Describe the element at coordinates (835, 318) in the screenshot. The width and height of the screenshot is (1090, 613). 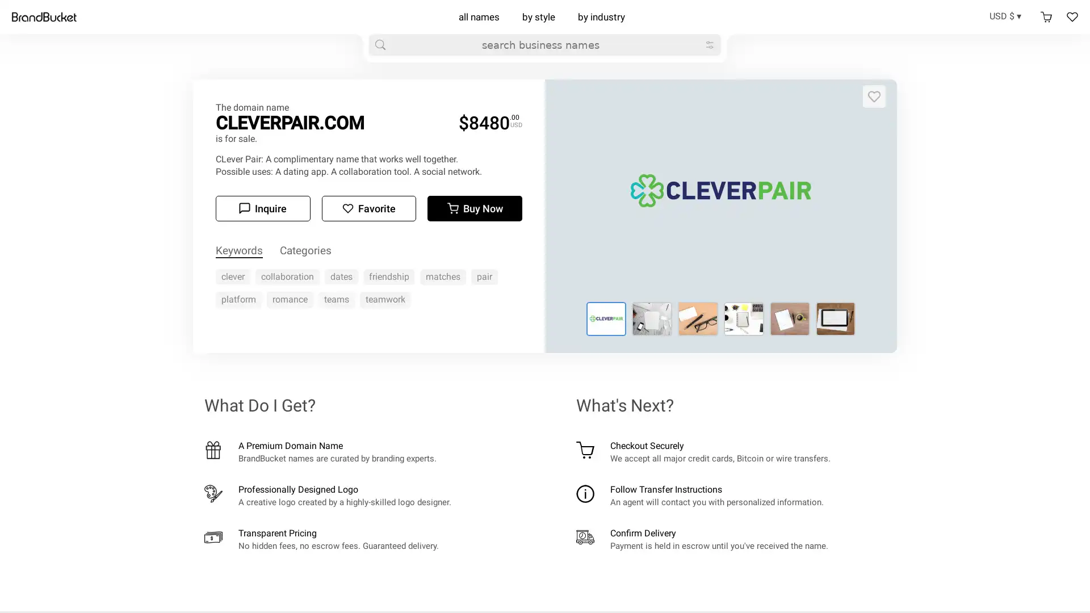
I see `Logo for cleverpair.com` at that location.